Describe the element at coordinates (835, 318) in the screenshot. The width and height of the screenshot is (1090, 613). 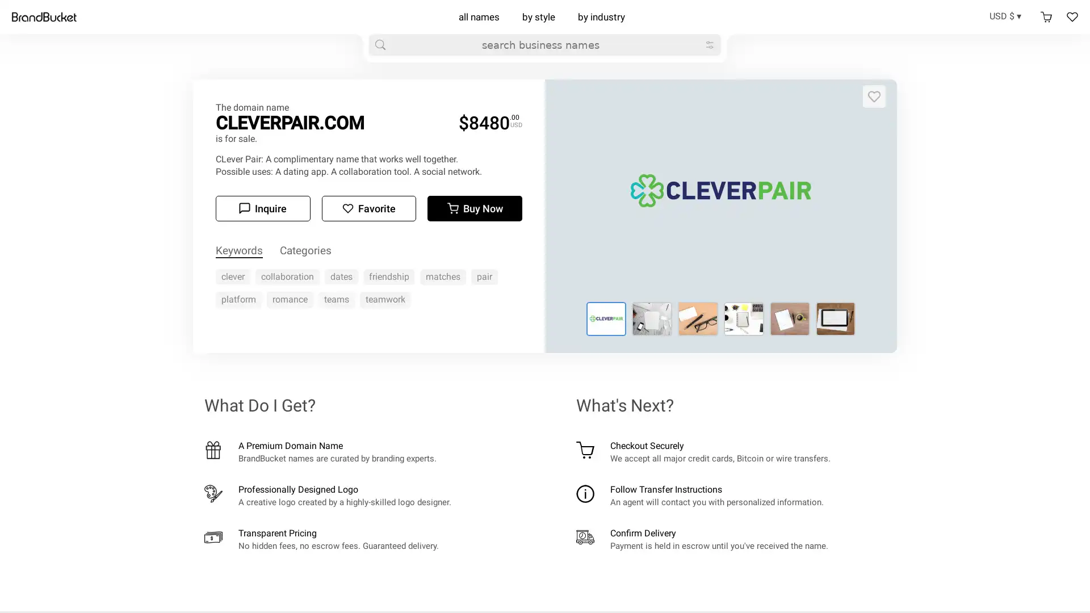
I see `Logo for cleverpair.com` at that location.